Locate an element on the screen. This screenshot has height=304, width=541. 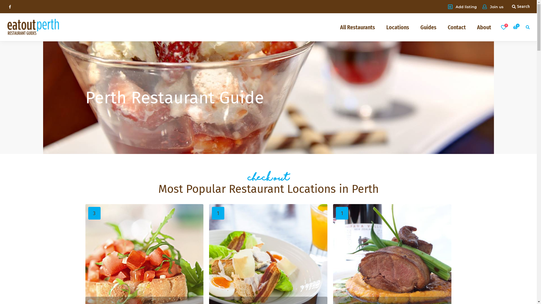
'About' is located at coordinates (484, 27).